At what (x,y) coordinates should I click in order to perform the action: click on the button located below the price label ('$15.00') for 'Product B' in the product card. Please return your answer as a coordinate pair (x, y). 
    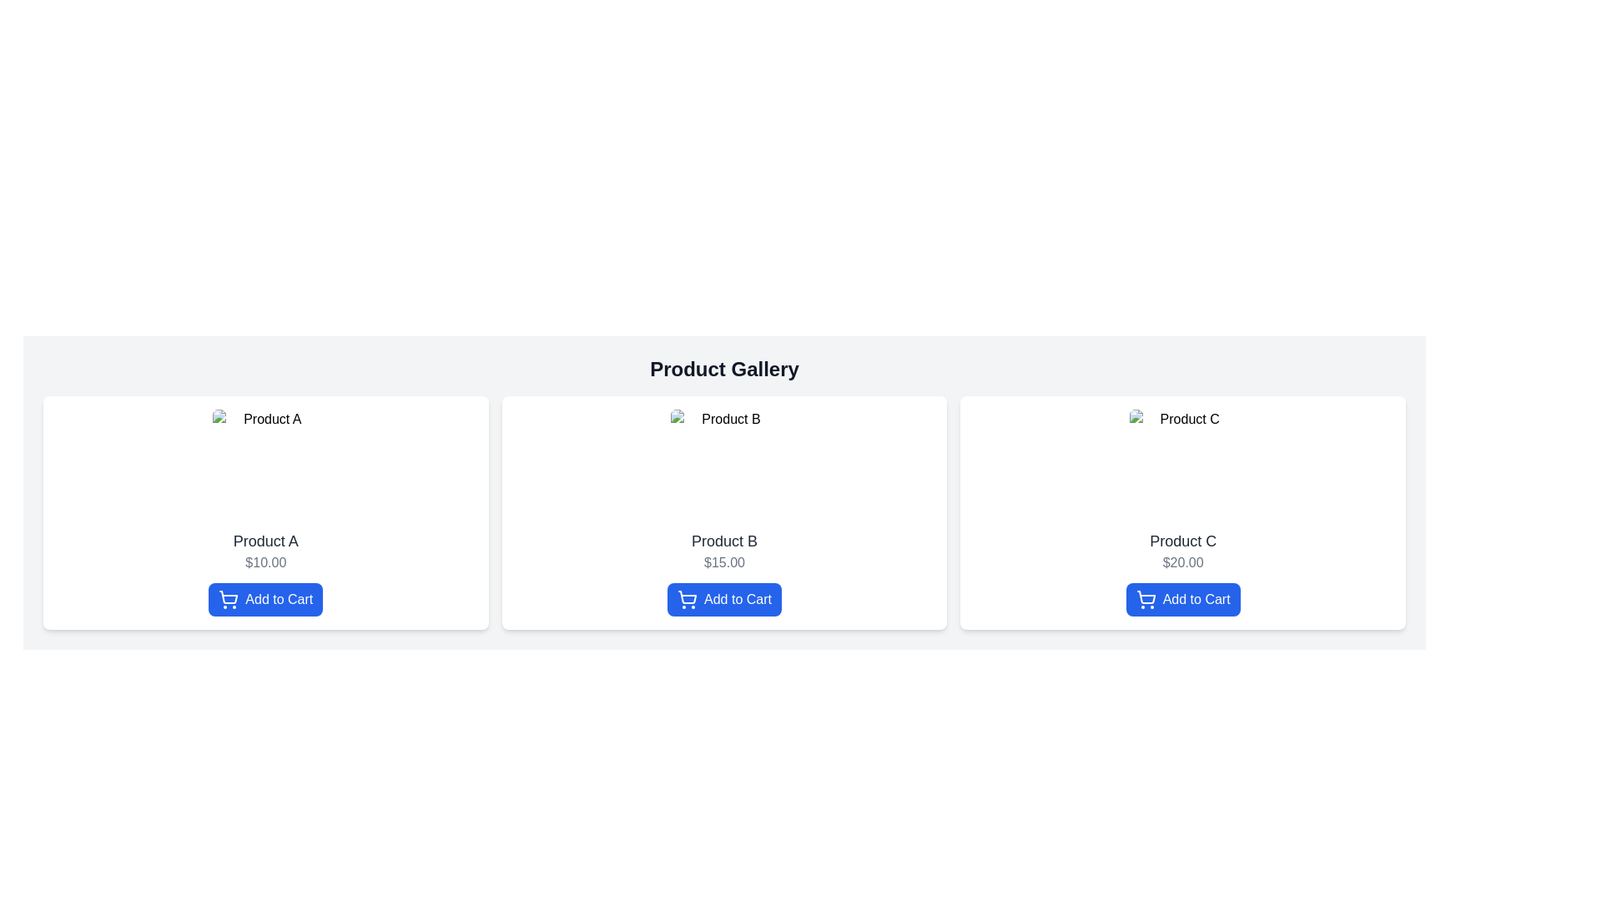
    Looking at the image, I should click on (724, 598).